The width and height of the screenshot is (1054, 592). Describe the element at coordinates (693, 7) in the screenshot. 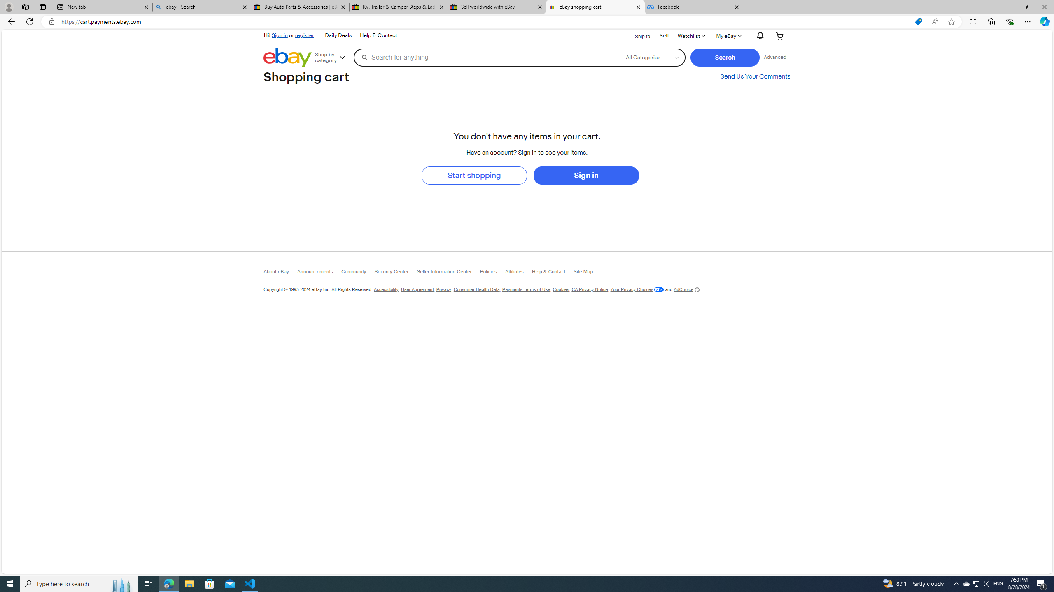

I see `'Facebook'` at that location.